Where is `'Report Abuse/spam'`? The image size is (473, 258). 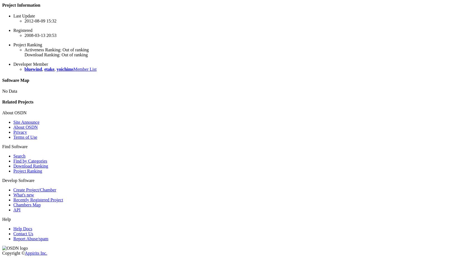 'Report Abuse/spam' is located at coordinates (30, 239).